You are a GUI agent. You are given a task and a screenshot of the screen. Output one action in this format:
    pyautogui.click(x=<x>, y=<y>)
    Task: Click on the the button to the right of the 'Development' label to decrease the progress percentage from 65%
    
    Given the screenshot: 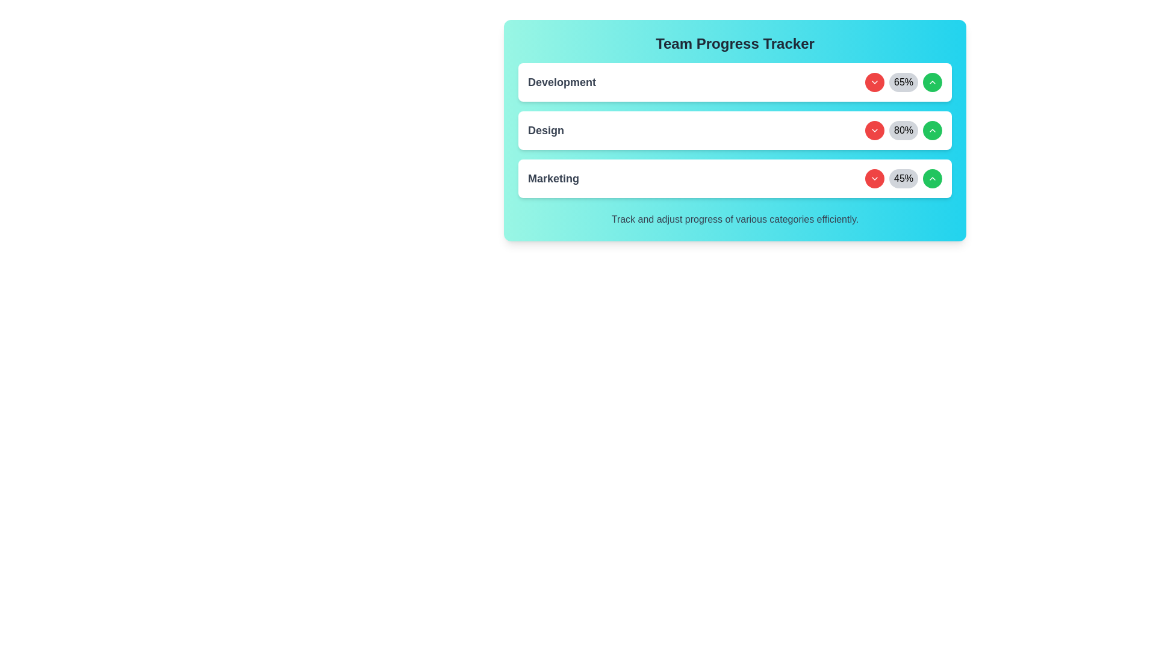 What is the action you would take?
    pyautogui.click(x=875, y=82)
    